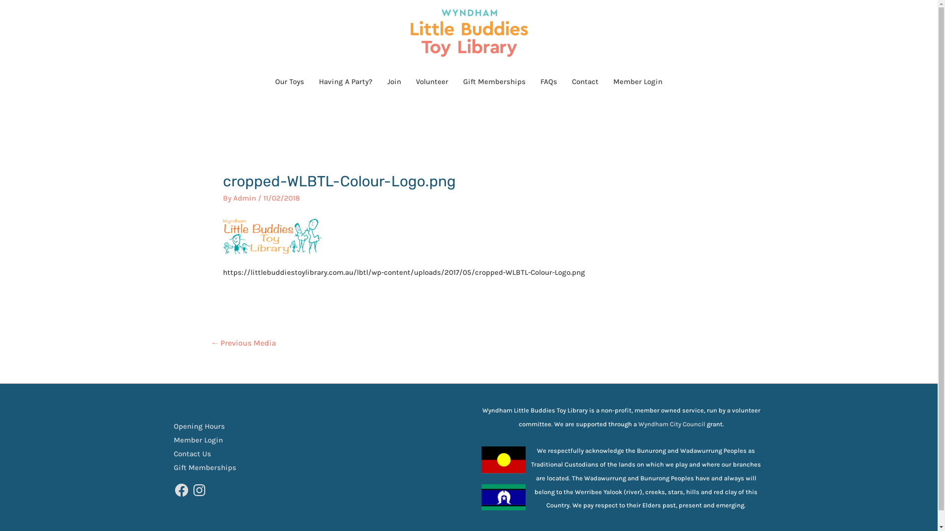  I want to click on 'Instagram', so click(198, 490).